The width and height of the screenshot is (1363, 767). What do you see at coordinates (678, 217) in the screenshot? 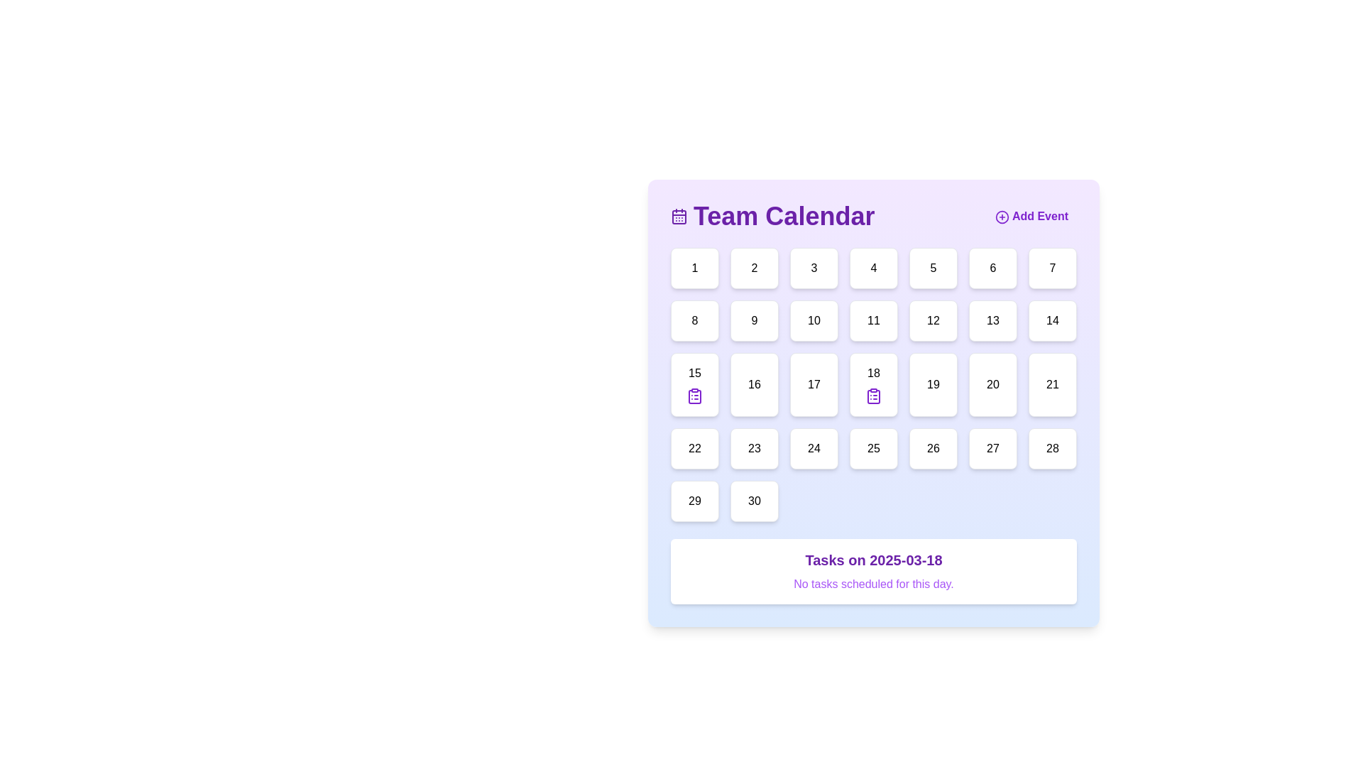
I see `the decorative or structural component of the calendar icon located to the left of the 'Team Calendar' heading` at bounding box center [678, 217].